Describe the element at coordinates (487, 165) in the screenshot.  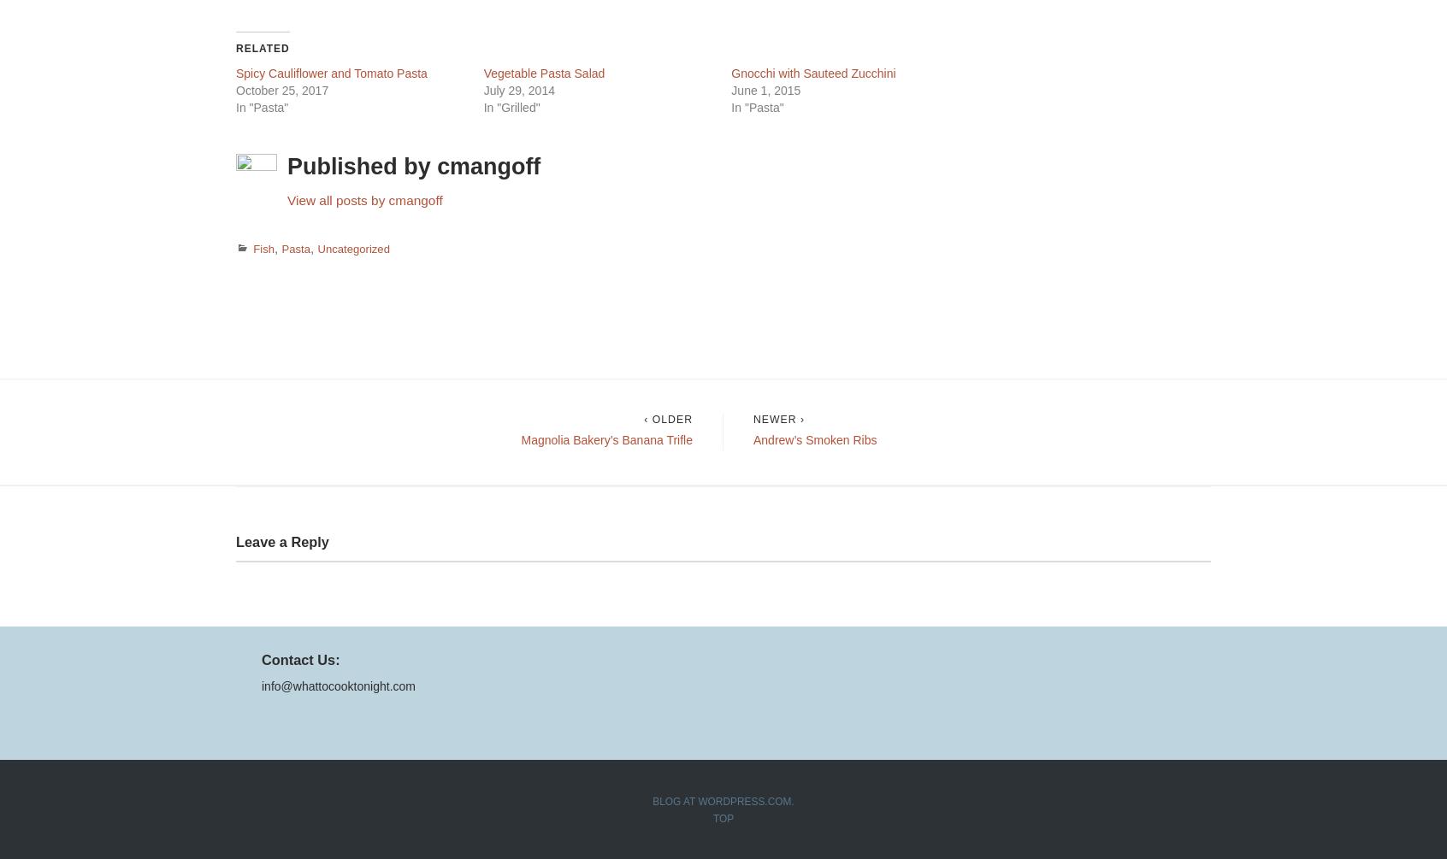
I see `'cmangoff'` at that location.